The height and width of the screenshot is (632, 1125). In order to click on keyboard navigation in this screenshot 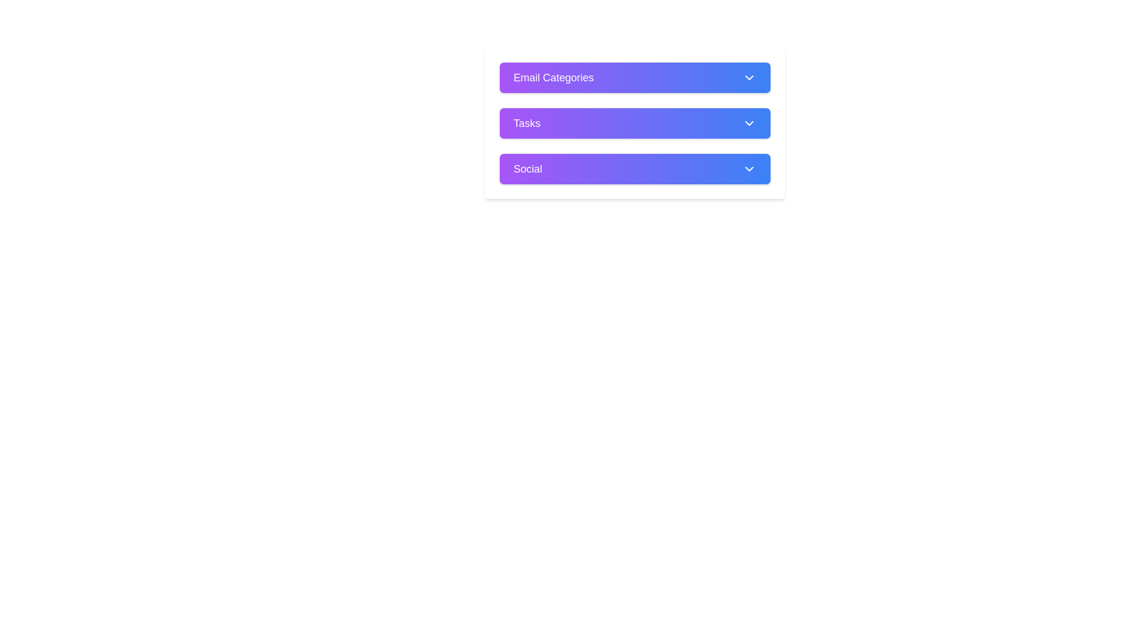, I will do `click(634, 123)`.